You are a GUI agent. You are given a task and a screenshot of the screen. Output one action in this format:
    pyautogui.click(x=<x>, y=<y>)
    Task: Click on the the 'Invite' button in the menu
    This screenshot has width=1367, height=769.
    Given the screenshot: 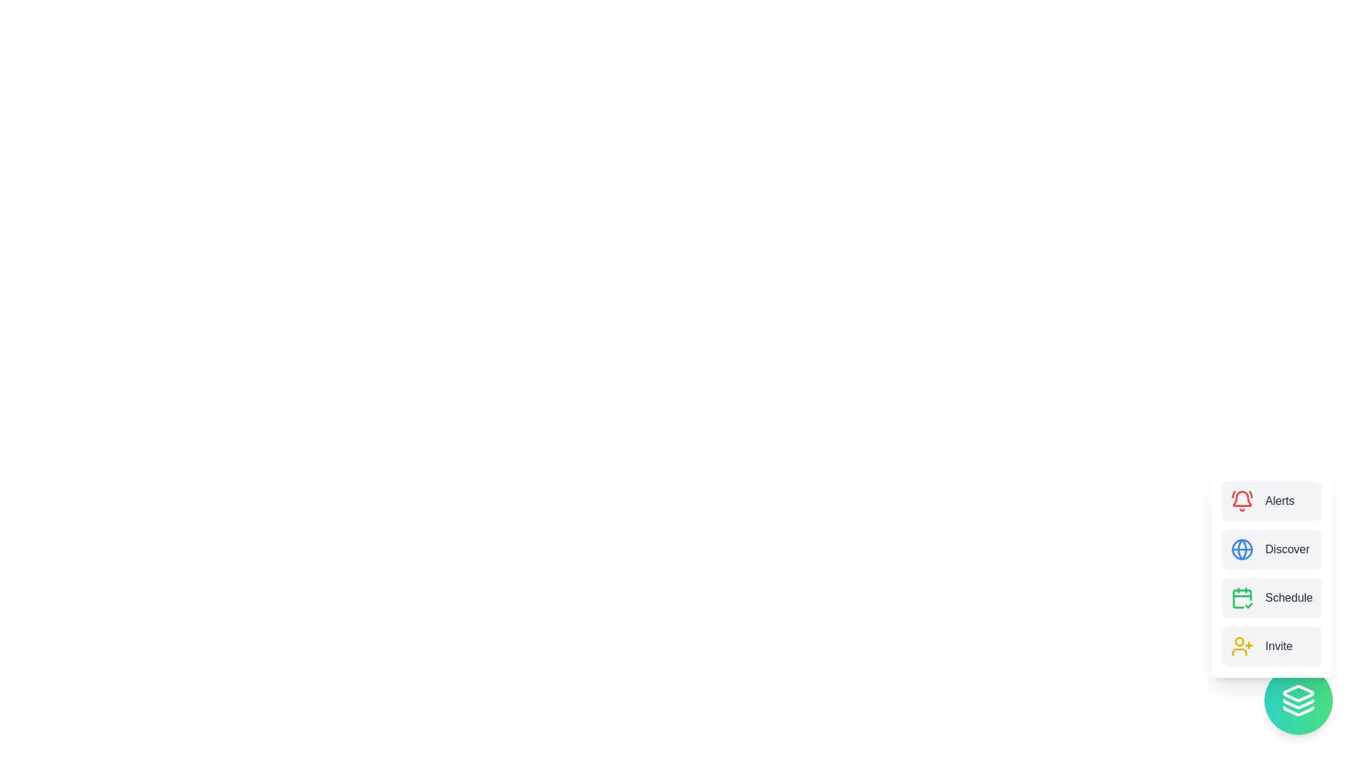 What is the action you would take?
    pyautogui.click(x=1271, y=646)
    